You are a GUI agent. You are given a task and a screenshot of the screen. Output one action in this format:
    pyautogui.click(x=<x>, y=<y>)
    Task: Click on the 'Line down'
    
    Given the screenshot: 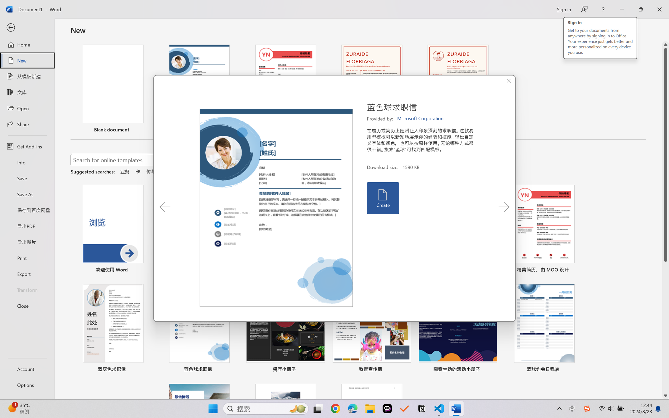 What is the action you would take?
    pyautogui.click(x=665, y=396)
    